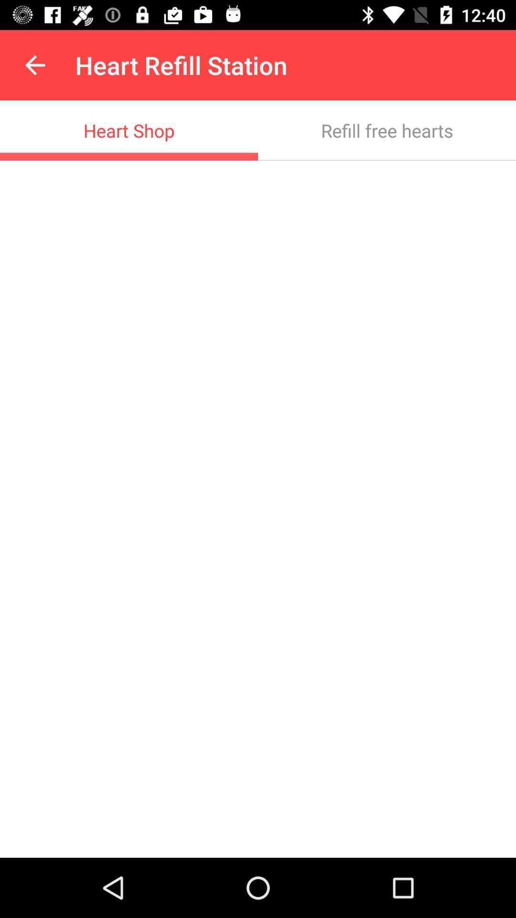 This screenshot has height=918, width=516. I want to click on item next to the heart shop, so click(387, 130).